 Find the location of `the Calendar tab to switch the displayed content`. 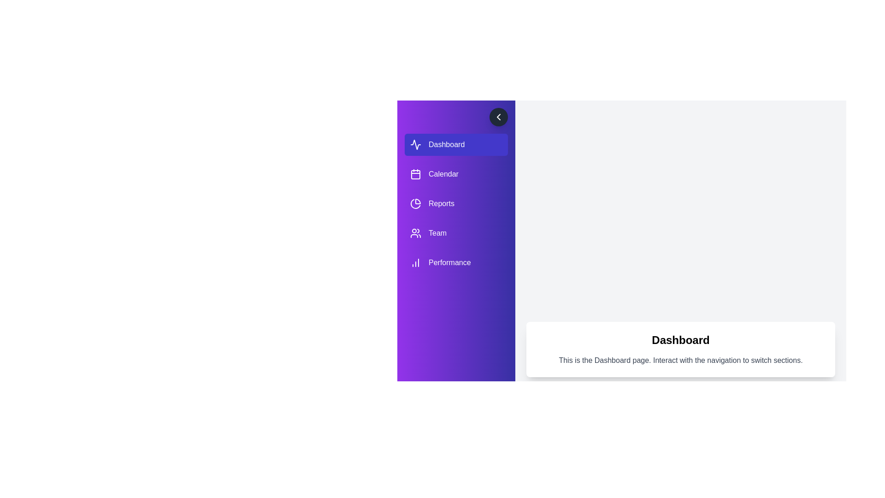

the Calendar tab to switch the displayed content is located at coordinates (456, 174).